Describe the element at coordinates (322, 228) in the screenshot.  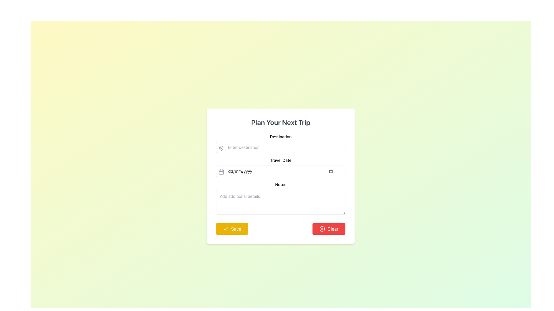
I see `the red circular decorative icon associated with the 'Clear' button located at the bottom right of the form section` at that location.